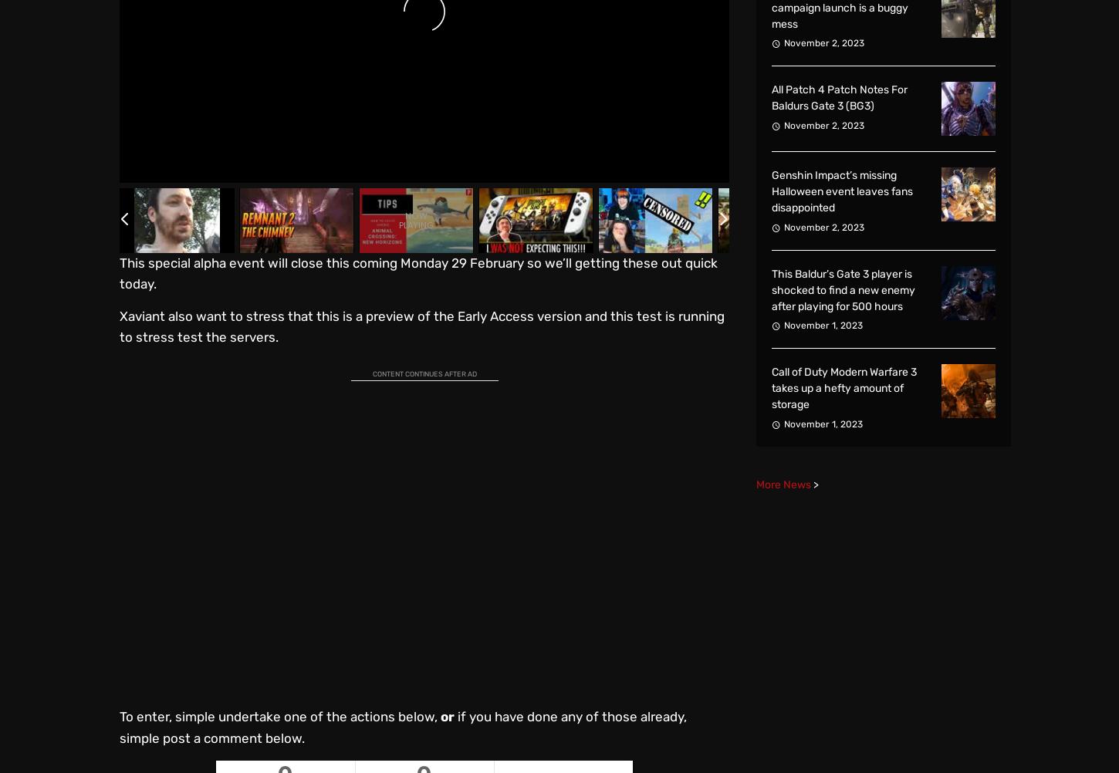 The image size is (1119, 773). Describe the element at coordinates (403, 726) in the screenshot. I see `'if you have done any of those already, simple post a comment below.'` at that location.